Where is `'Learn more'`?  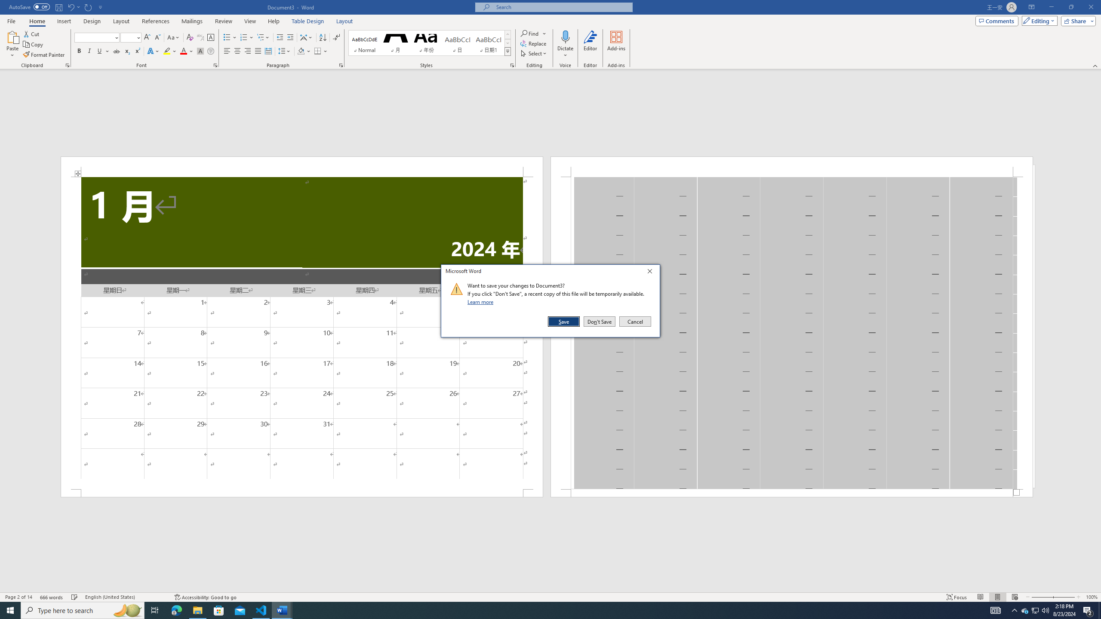 'Learn more' is located at coordinates (482, 301).